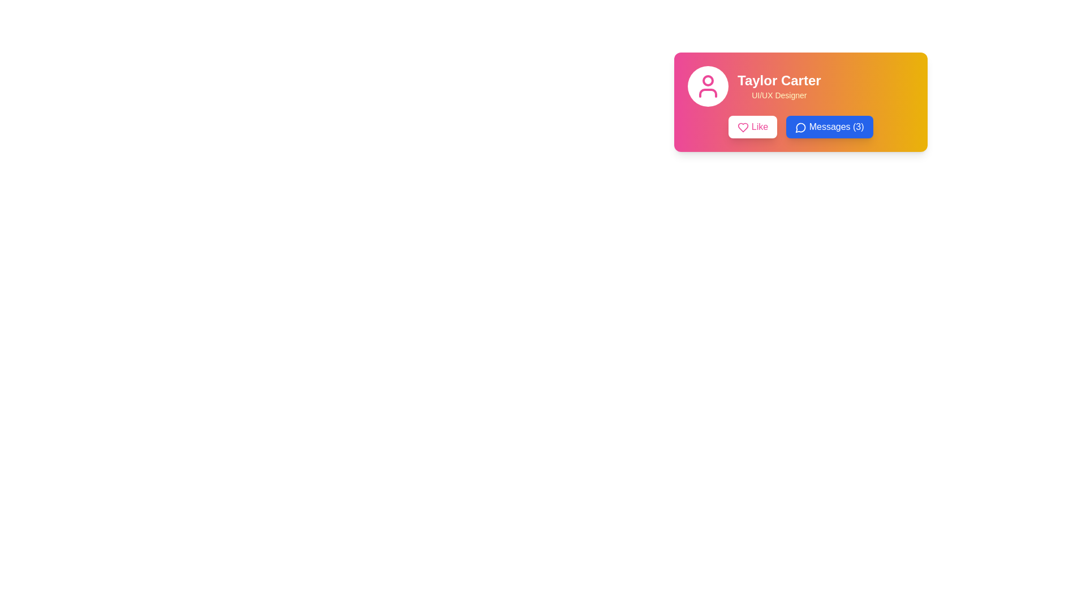 The image size is (1086, 610). Describe the element at coordinates (743, 127) in the screenshot. I see `the heart icon within the 'Like' button on the left side of the button group located on a vibrant yellow-pink gradient card towards the top-right of the interface` at that location.